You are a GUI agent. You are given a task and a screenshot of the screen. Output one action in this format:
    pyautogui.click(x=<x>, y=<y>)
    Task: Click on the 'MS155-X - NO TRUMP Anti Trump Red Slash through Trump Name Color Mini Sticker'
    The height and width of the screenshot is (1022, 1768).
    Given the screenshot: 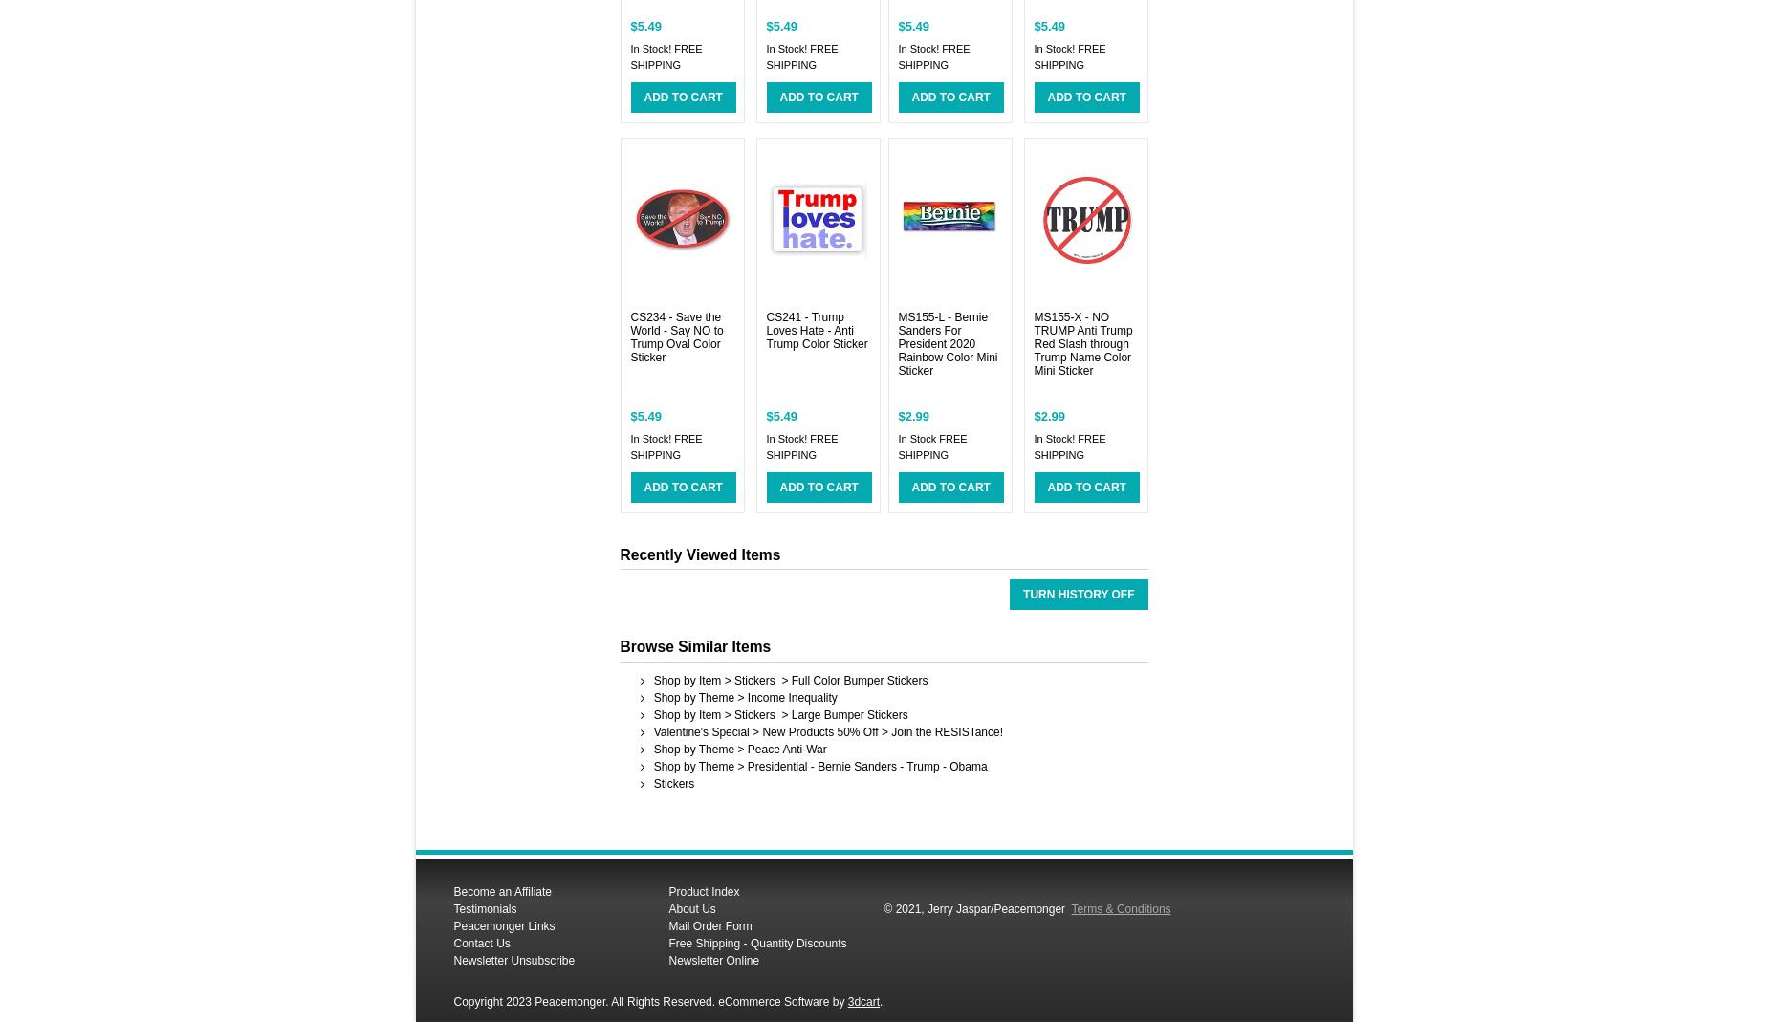 What is the action you would take?
    pyautogui.click(x=1033, y=344)
    